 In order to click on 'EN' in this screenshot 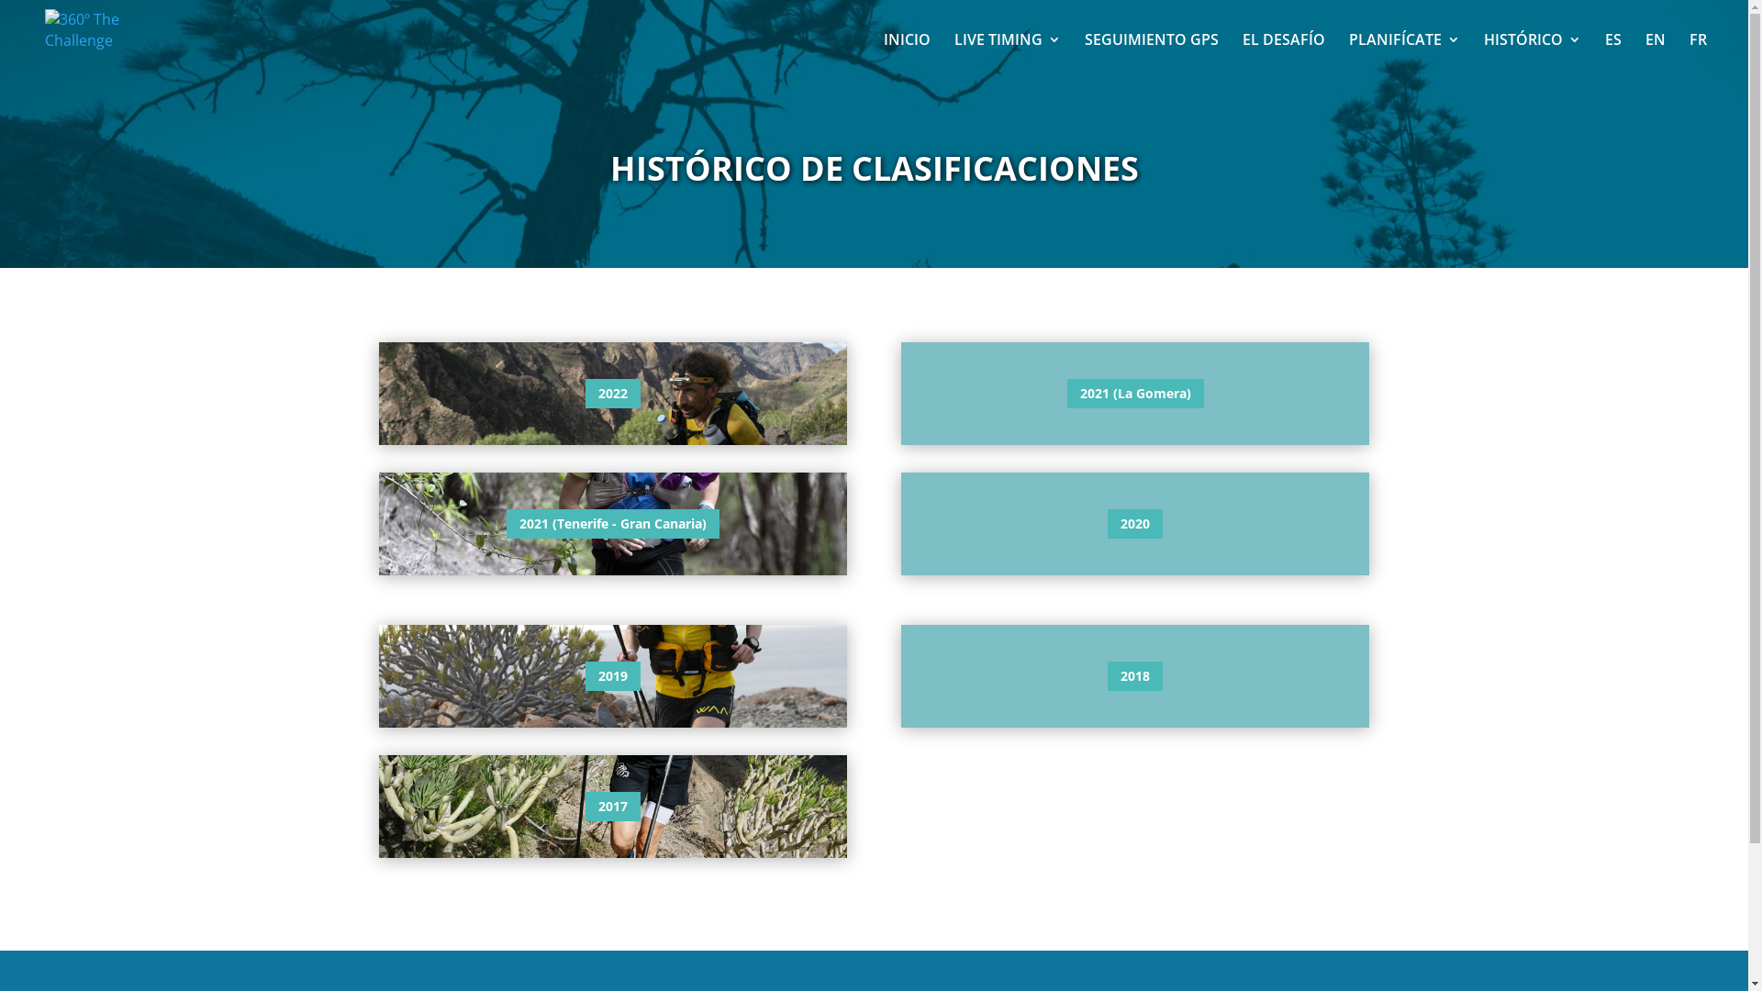, I will do `click(1656, 55)`.